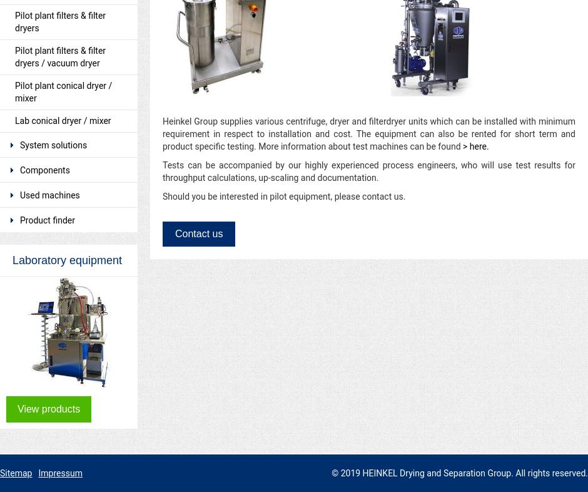 This screenshot has width=588, height=492. What do you see at coordinates (67, 260) in the screenshot?
I see `'Laboratory equipment'` at bounding box center [67, 260].